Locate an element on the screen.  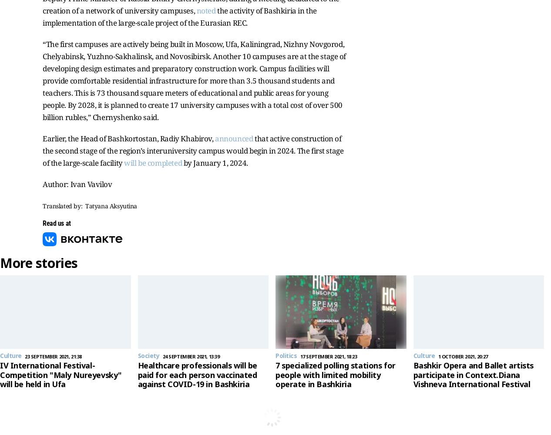
'24 September 2021, 13:39' is located at coordinates (190, 356).